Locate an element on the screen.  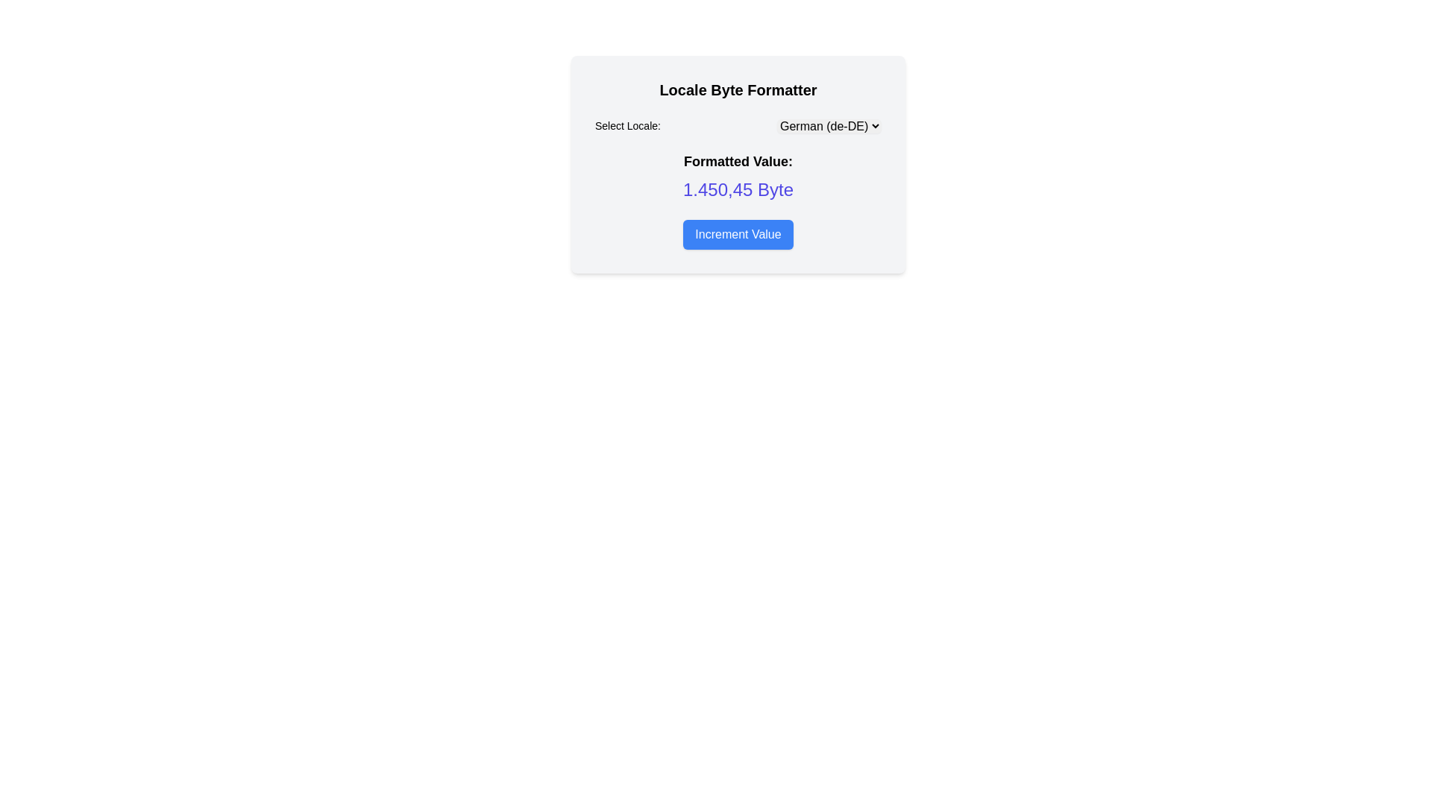
the label displaying 'Formatted Value:' which is located above the numeric value '1.450,45 Byte' is located at coordinates (738, 161).